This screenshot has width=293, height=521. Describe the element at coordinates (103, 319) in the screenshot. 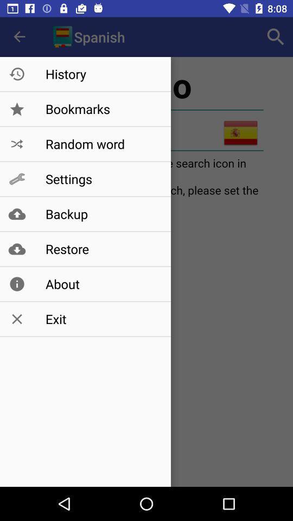

I see `the exit item` at that location.